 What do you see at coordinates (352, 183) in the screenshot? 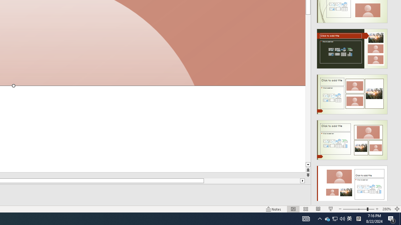
I see `'Design Idea'` at bounding box center [352, 183].